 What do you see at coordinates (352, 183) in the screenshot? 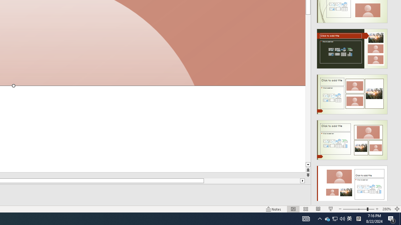
I see `'Design Idea'` at bounding box center [352, 183].